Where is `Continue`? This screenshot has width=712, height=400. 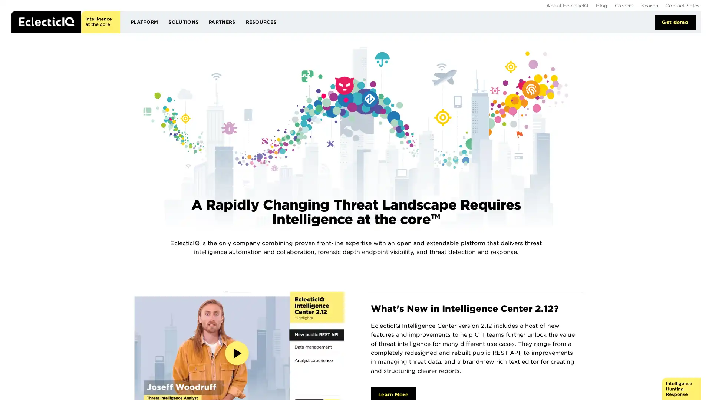 Continue is located at coordinates (383, 77).